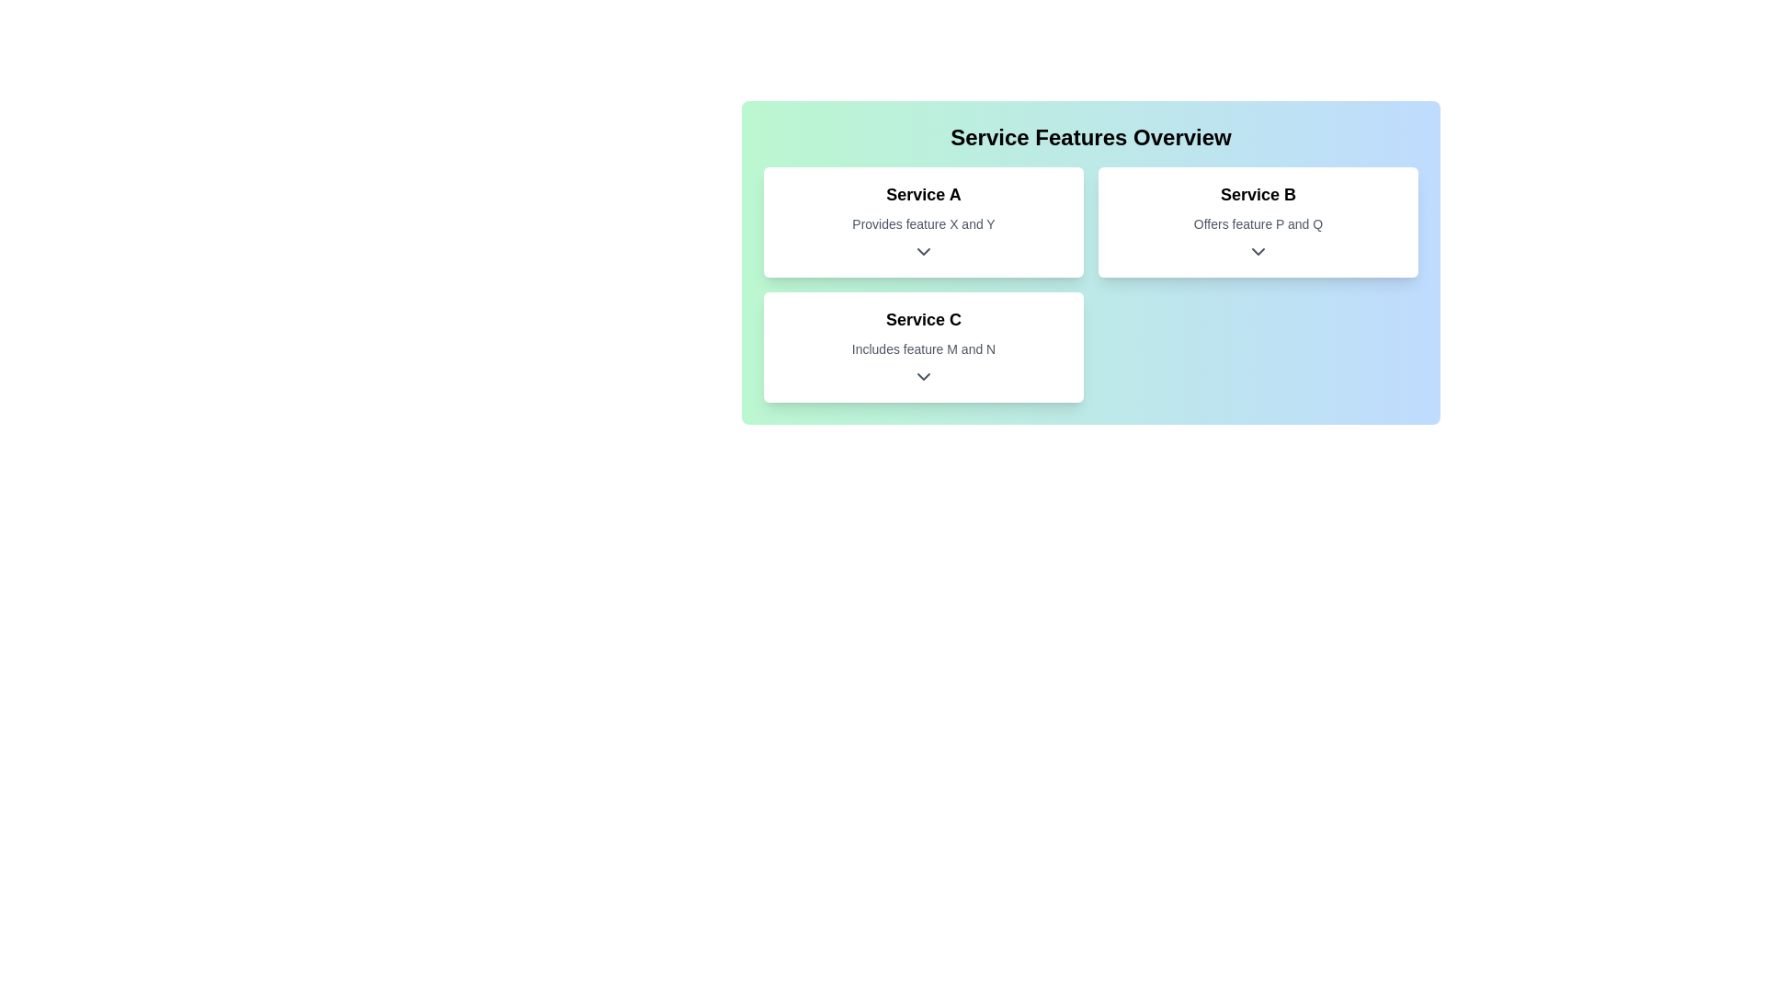 This screenshot has height=993, width=1765. What do you see at coordinates (1257, 195) in the screenshot?
I see `the text label identified as 'Service B'` at bounding box center [1257, 195].